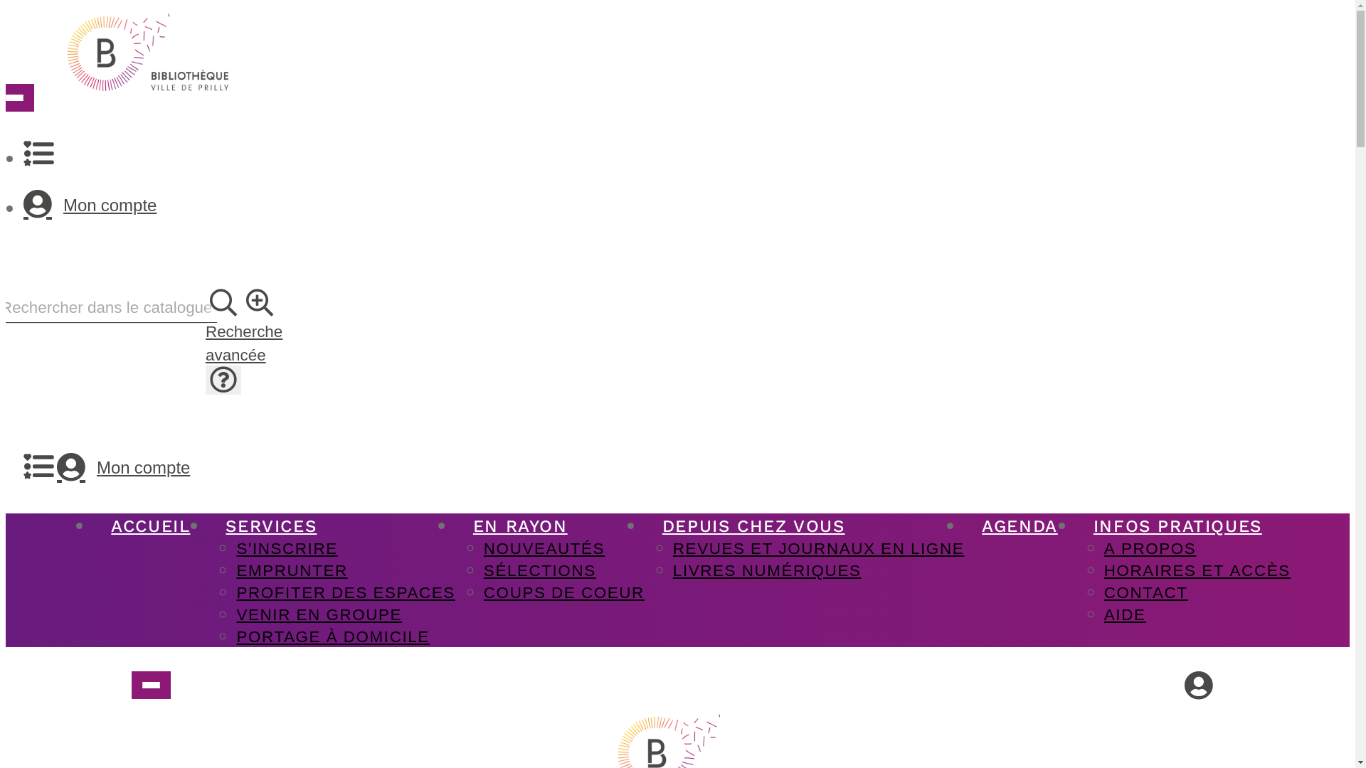 Image resolution: width=1366 pixels, height=768 pixels. What do you see at coordinates (963, 526) in the screenshot?
I see `'AGENDA'` at bounding box center [963, 526].